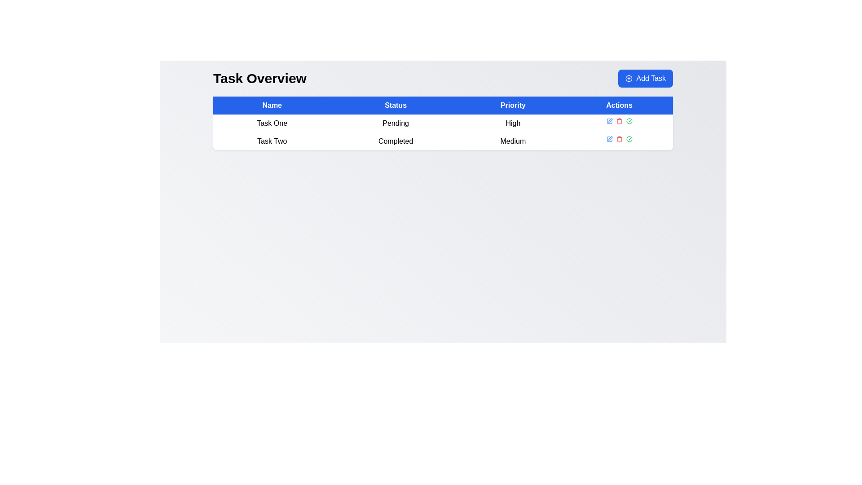 Image resolution: width=862 pixels, height=485 pixels. I want to click on text label displaying 'Pending' located under the 'Status' column in the table row for 'Task One', so click(395, 123).